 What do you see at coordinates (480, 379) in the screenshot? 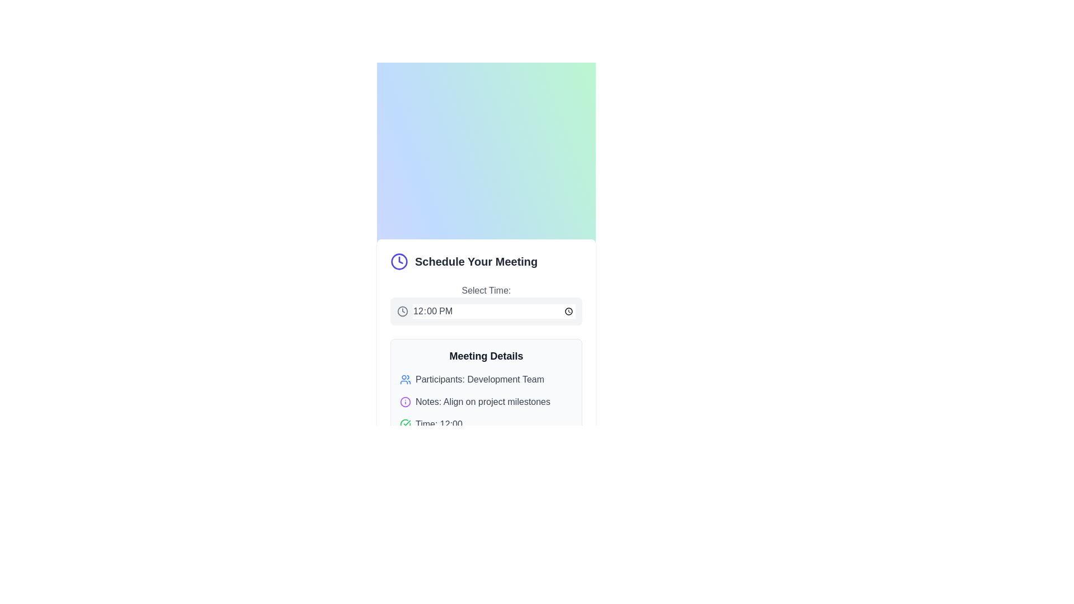
I see `information from the text label that displays 'Participants: Development Team' in the 'Meeting Details' section` at bounding box center [480, 379].